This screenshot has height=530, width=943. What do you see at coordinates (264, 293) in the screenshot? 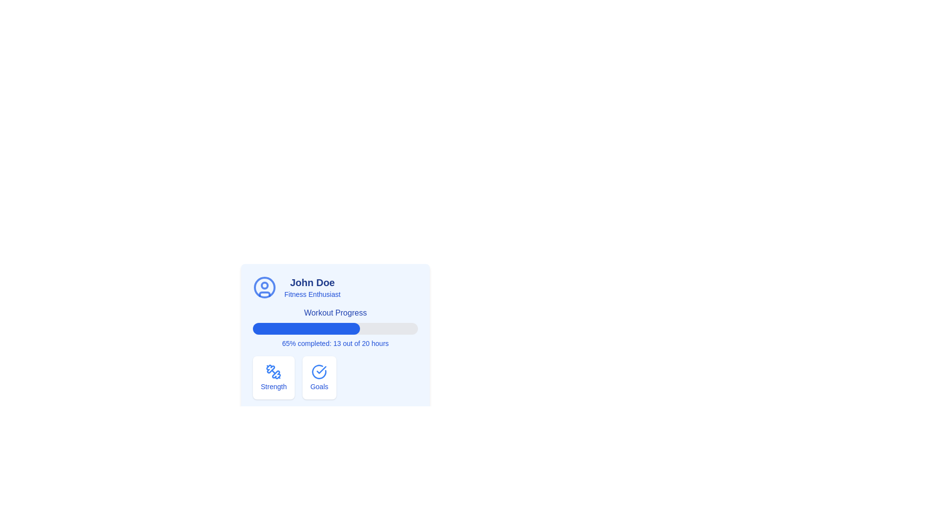
I see `the Icon graphic component representing the base or shoulders of a user or avatar icon, which is centrally aligned below two circles` at bounding box center [264, 293].